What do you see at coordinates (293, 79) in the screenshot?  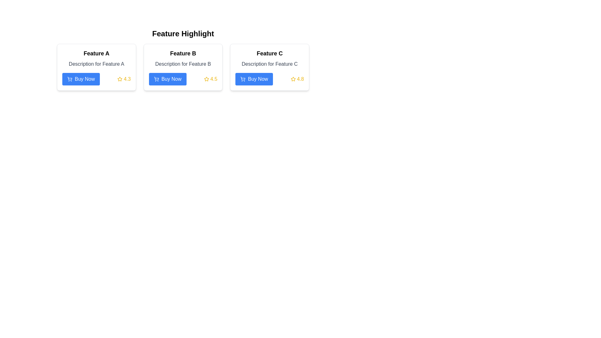 I see `the yellow star icon representing a rating, located next to the numeric score '4.8' in the 'Feature C' card, for tooltip display` at bounding box center [293, 79].